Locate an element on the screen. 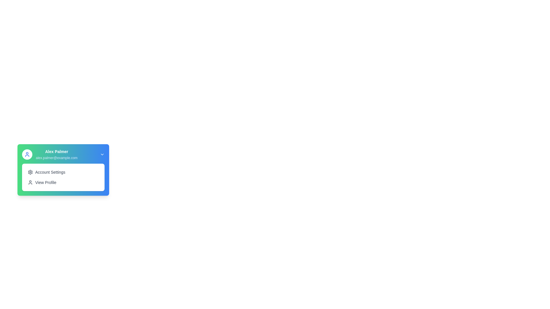 The height and width of the screenshot is (309, 550). user's name and email address displayed in the static informational text block located at the top-left of the dropdown menu, next to the circular user icon with a blue outline is located at coordinates (56, 154).